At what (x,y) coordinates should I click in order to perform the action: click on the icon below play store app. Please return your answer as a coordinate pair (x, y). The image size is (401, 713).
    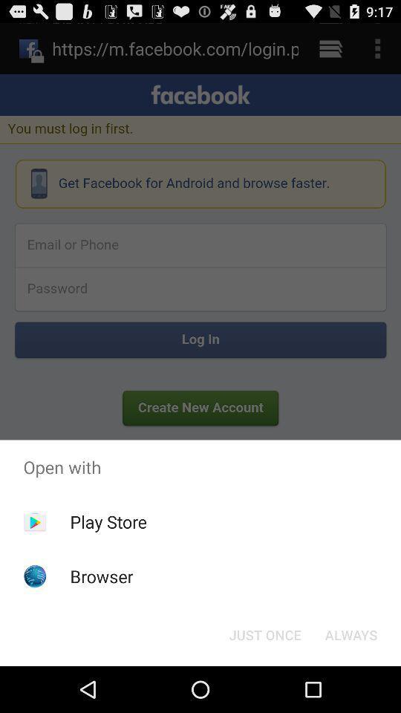
    Looking at the image, I should click on (101, 576).